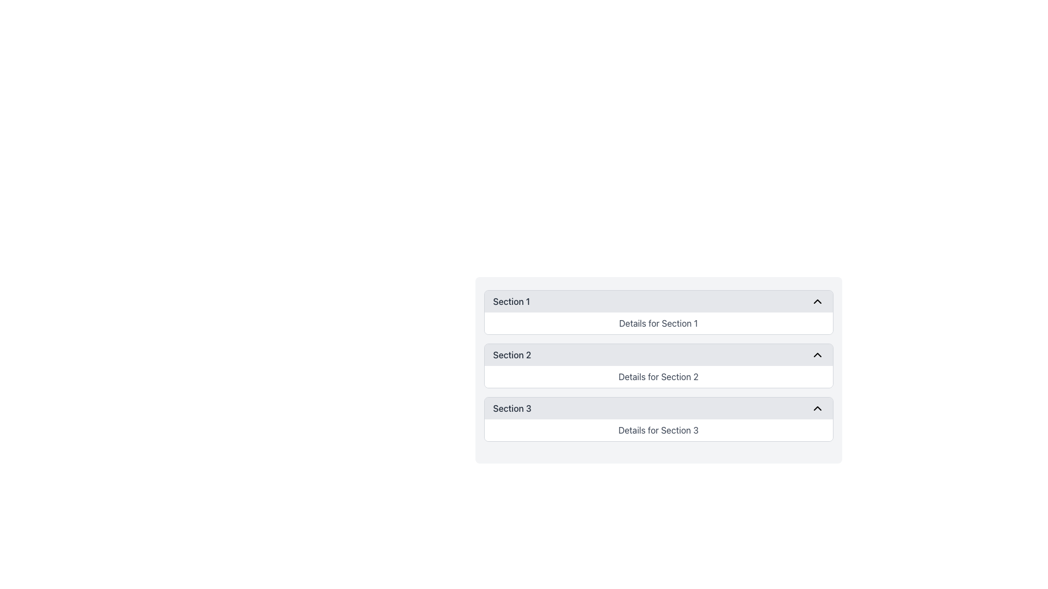  What do you see at coordinates (817, 408) in the screenshot?
I see `the upward-pointing chevron icon located at the far-right side of the 'Section 3' header` at bounding box center [817, 408].